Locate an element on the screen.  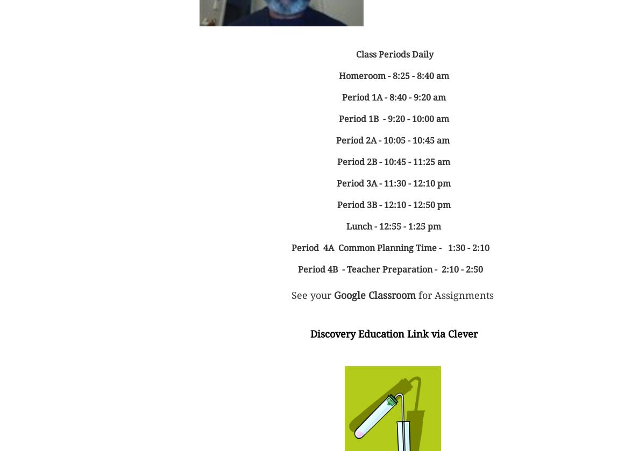
'Period 1B  - 9:20 - 10:00 am' is located at coordinates (393, 118).